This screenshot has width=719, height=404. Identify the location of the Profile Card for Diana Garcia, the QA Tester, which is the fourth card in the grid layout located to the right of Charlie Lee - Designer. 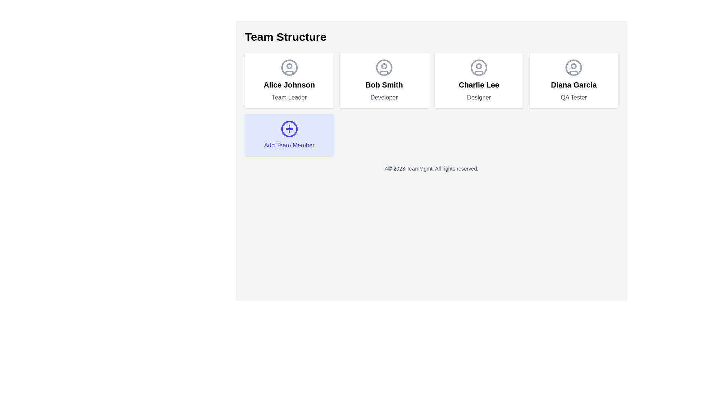
(573, 80).